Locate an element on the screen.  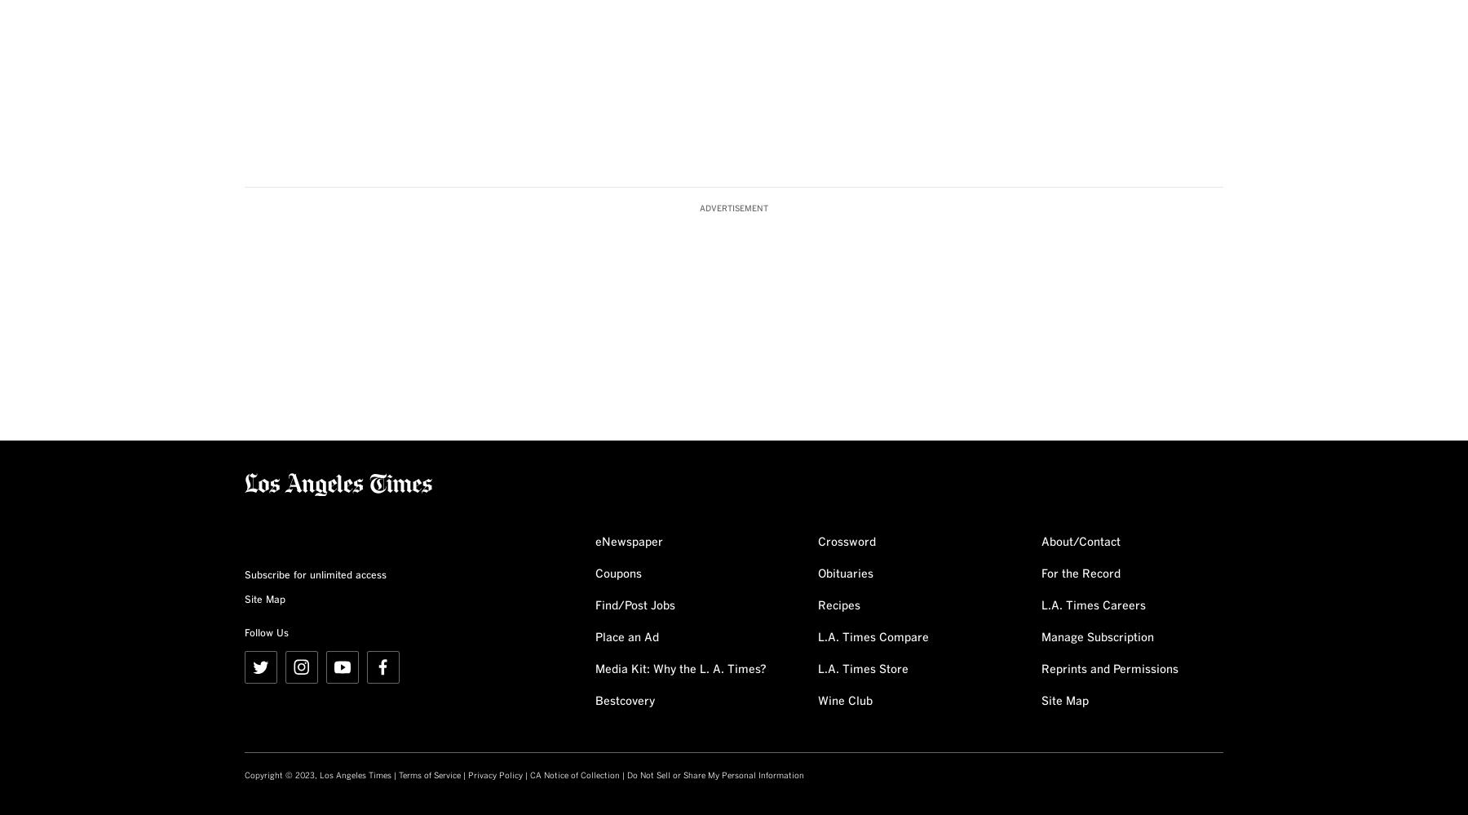
'L.A. Times Careers' is located at coordinates (1092, 605).